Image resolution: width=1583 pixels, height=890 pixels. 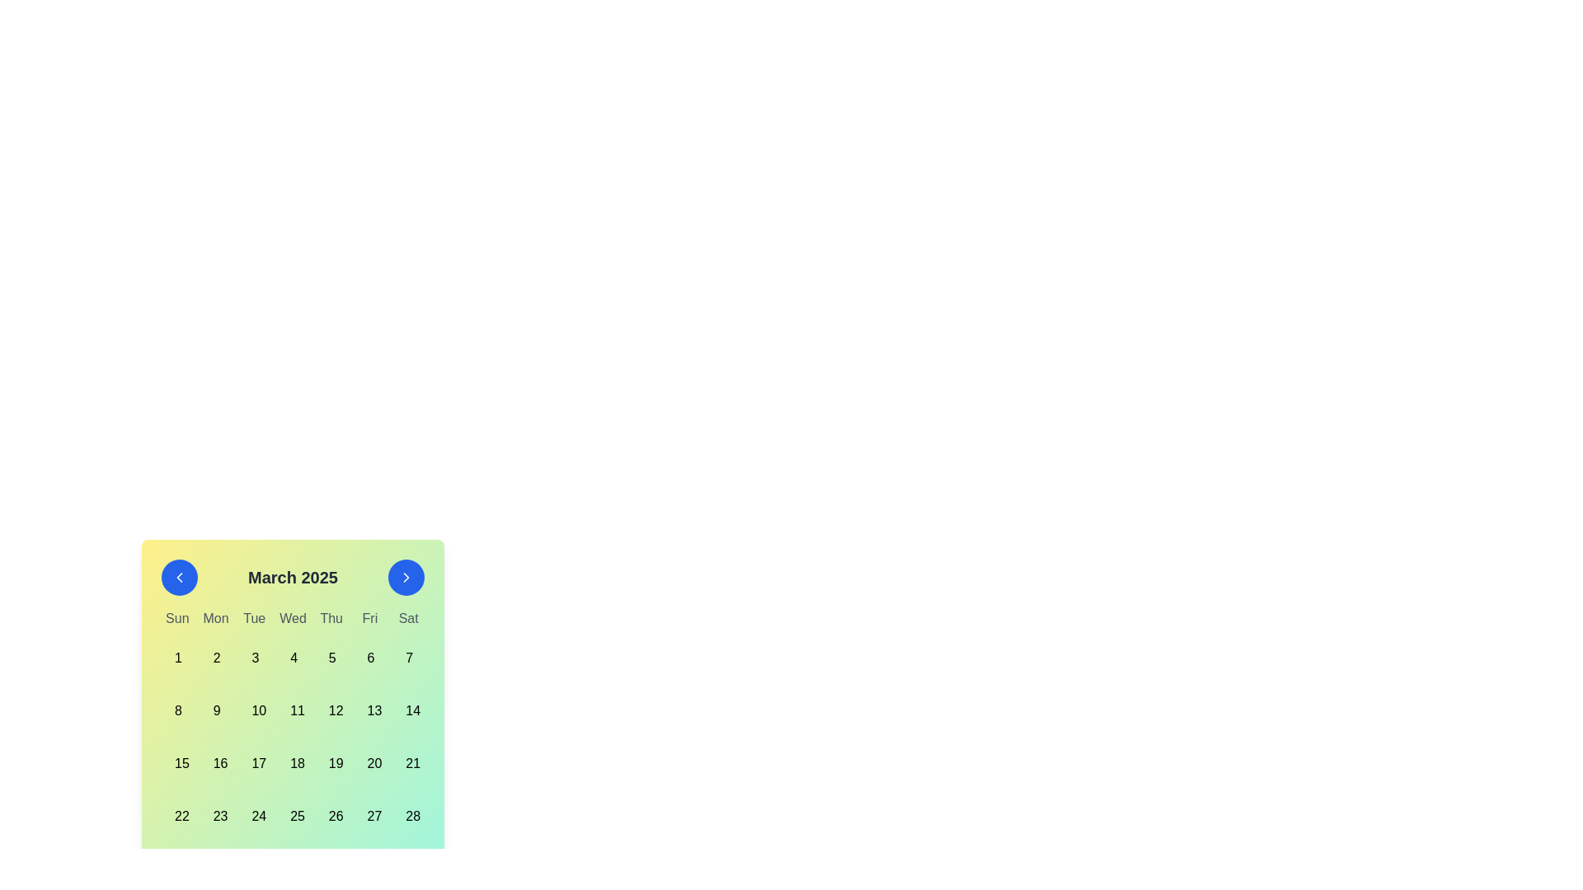 I want to click on the clickable calendar day box located in the third row and fifth column of the calendar grid, beneath the 'Thu' column, so click(x=331, y=710).